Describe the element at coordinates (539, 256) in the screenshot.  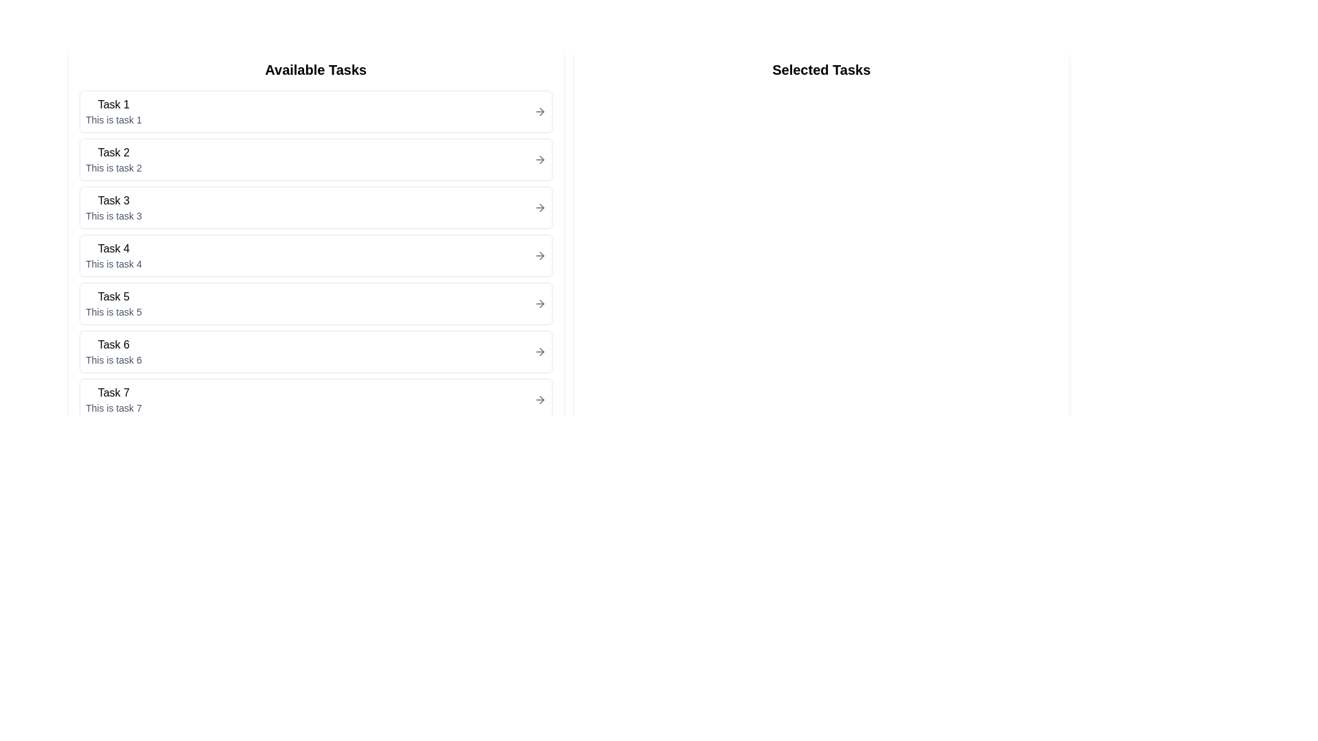
I see `the rightward-pointing arrow icon in the row labelled 'Task 4' in the 'Available Tasks' list` at that location.